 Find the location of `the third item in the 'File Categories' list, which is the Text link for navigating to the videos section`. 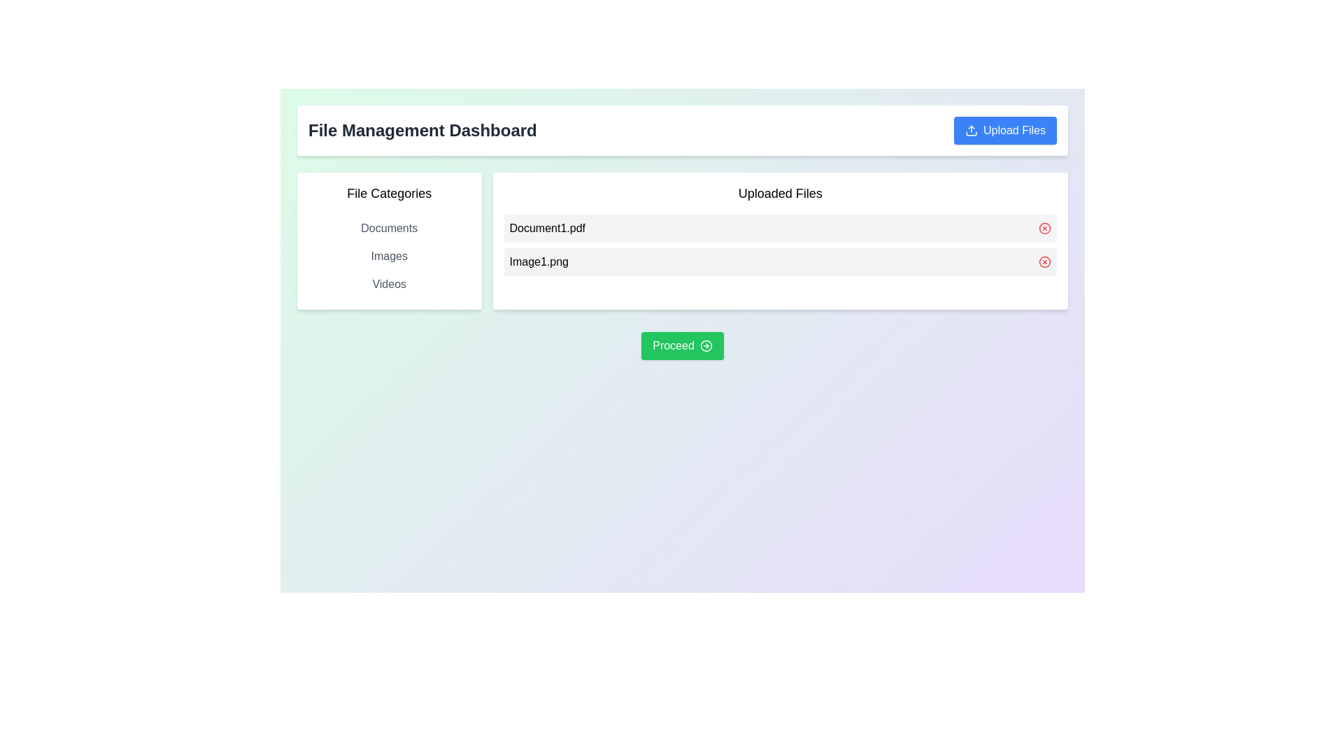

the third item in the 'File Categories' list, which is the Text link for navigating to the videos section is located at coordinates (389, 284).